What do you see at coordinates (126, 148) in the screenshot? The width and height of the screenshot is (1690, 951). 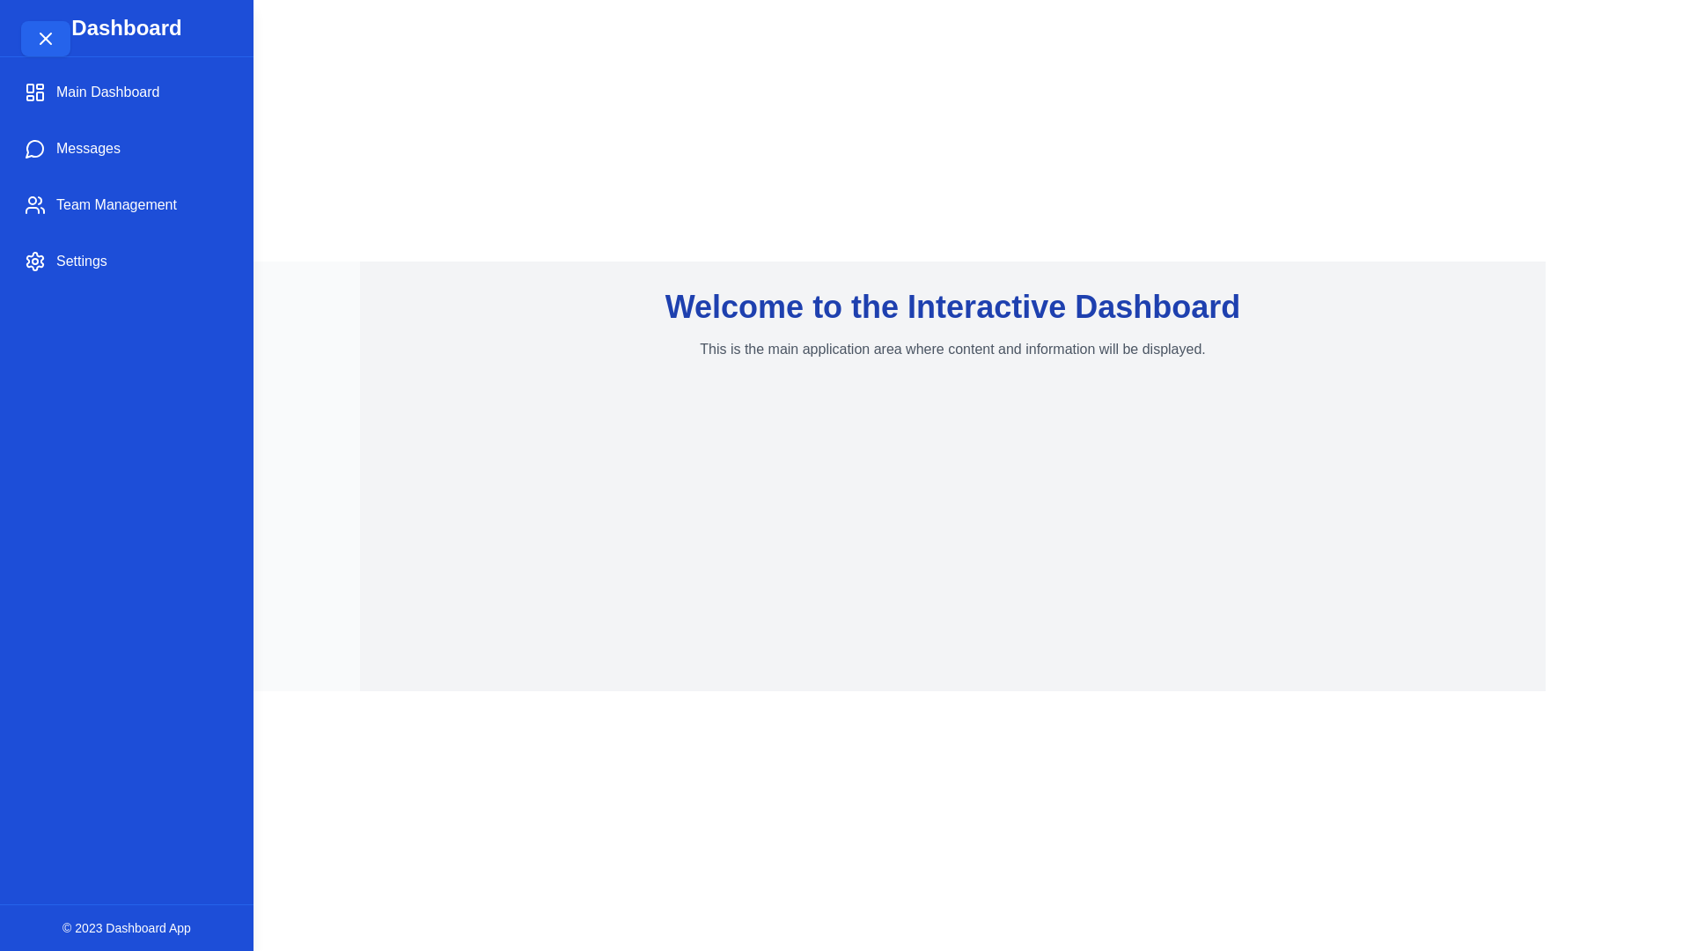 I see `the 'Messages' list item in the drawer to navigate to the 'Messages' section` at bounding box center [126, 148].